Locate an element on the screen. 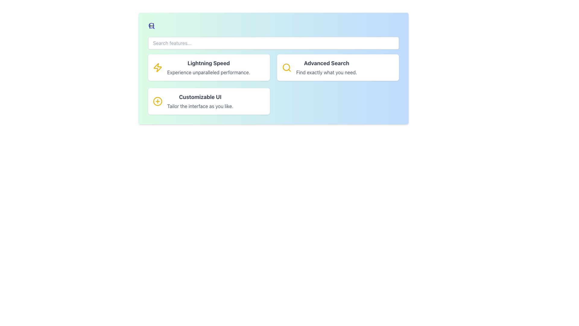 This screenshot has width=579, height=326. the circular lens of the search icon representing the magnifying glass, located on the left side of the interface is located at coordinates (286, 67).